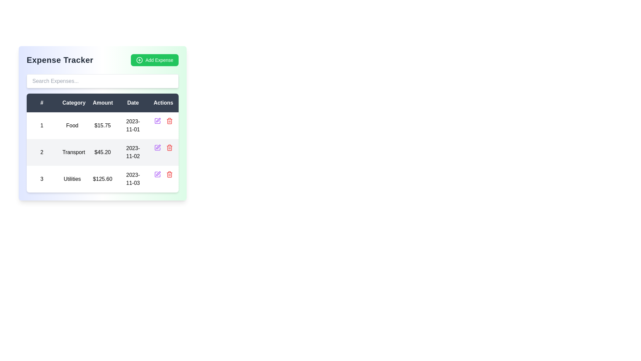 This screenshot has height=361, width=641. Describe the element at coordinates (133, 125) in the screenshot. I see `text content of the label displaying the date '2023-11-01' located in the fourth column of the first row of the 'Expense Tracker' table` at that location.